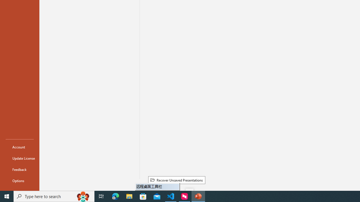 Image resolution: width=360 pixels, height=202 pixels. What do you see at coordinates (19, 181) in the screenshot?
I see `'Options'` at bounding box center [19, 181].